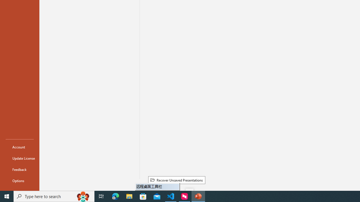 Image resolution: width=360 pixels, height=202 pixels. What do you see at coordinates (19, 181) in the screenshot?
I see `'Options'` at bounding box center [19, 181].